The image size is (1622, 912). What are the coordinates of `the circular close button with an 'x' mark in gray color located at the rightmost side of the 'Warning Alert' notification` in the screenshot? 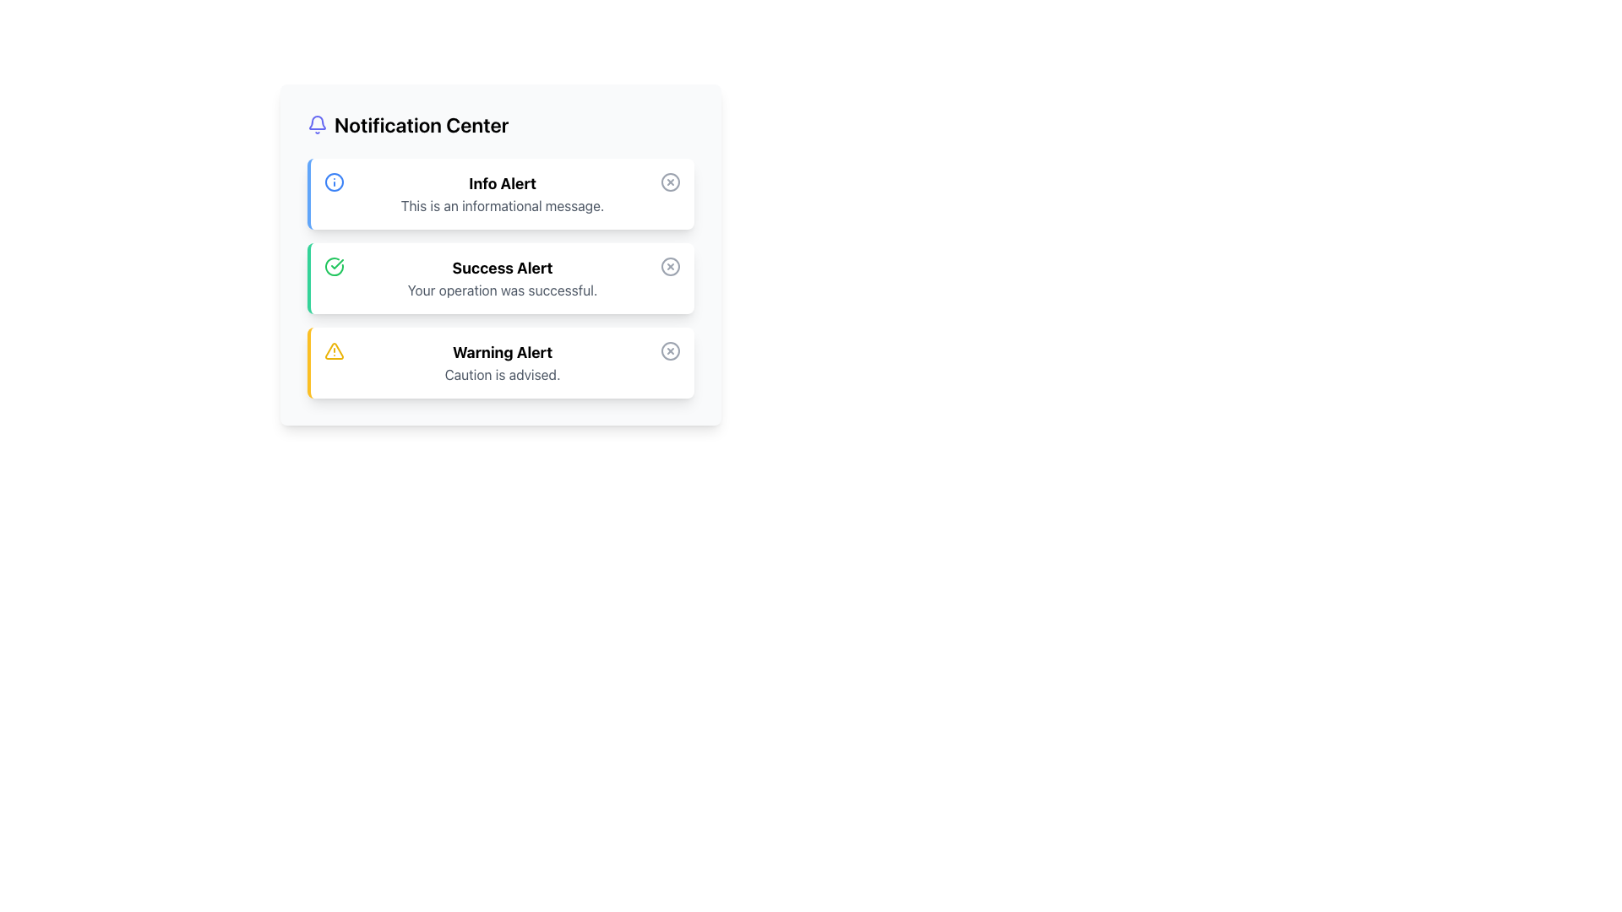 It's located at (669, 350).